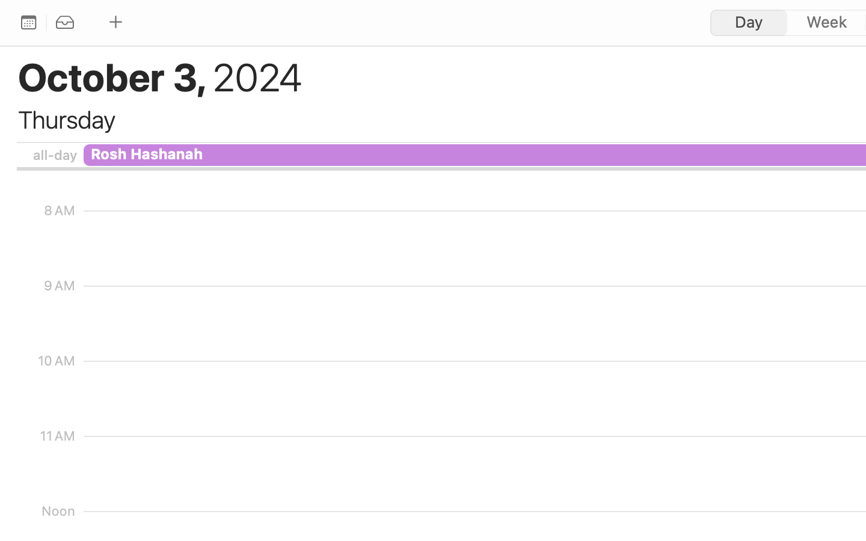 Image resolution: width=866 pixels, height=541 pixels. What do you see at coordinates (67, 120) in the screenshot?
I see `'Thursday'` at bounding box center [67, 120].